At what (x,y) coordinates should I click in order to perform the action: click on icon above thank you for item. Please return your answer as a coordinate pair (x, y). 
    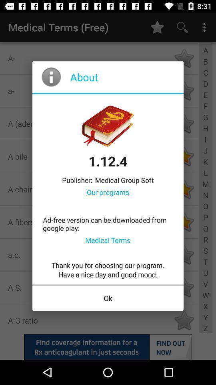
    Looking at the image, I should click on (108, 240).